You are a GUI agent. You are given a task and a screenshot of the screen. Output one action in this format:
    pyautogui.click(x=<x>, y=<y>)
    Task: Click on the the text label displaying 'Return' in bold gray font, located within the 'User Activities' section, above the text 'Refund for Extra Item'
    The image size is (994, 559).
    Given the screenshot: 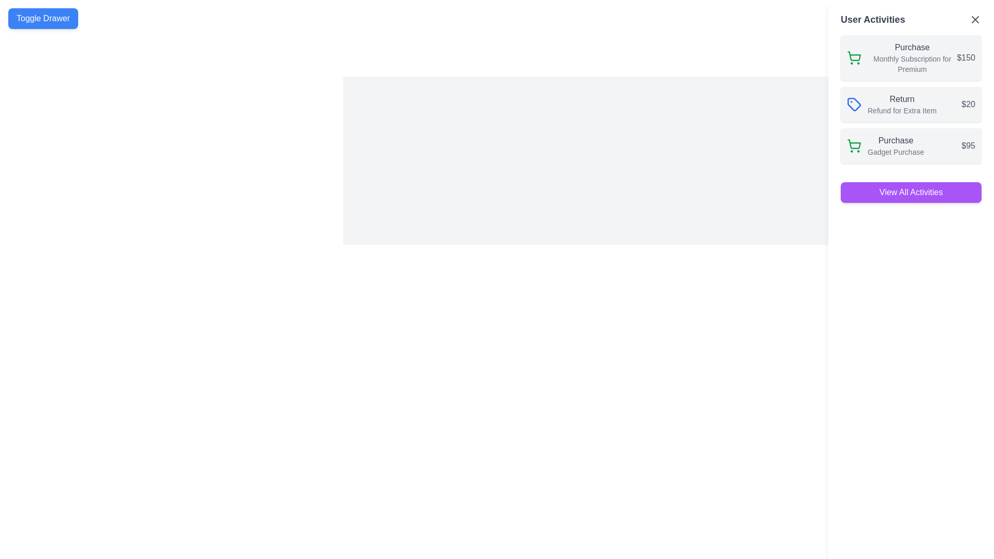 What is the action you would take?
    pyautogui.click(x=901, y=99)
    